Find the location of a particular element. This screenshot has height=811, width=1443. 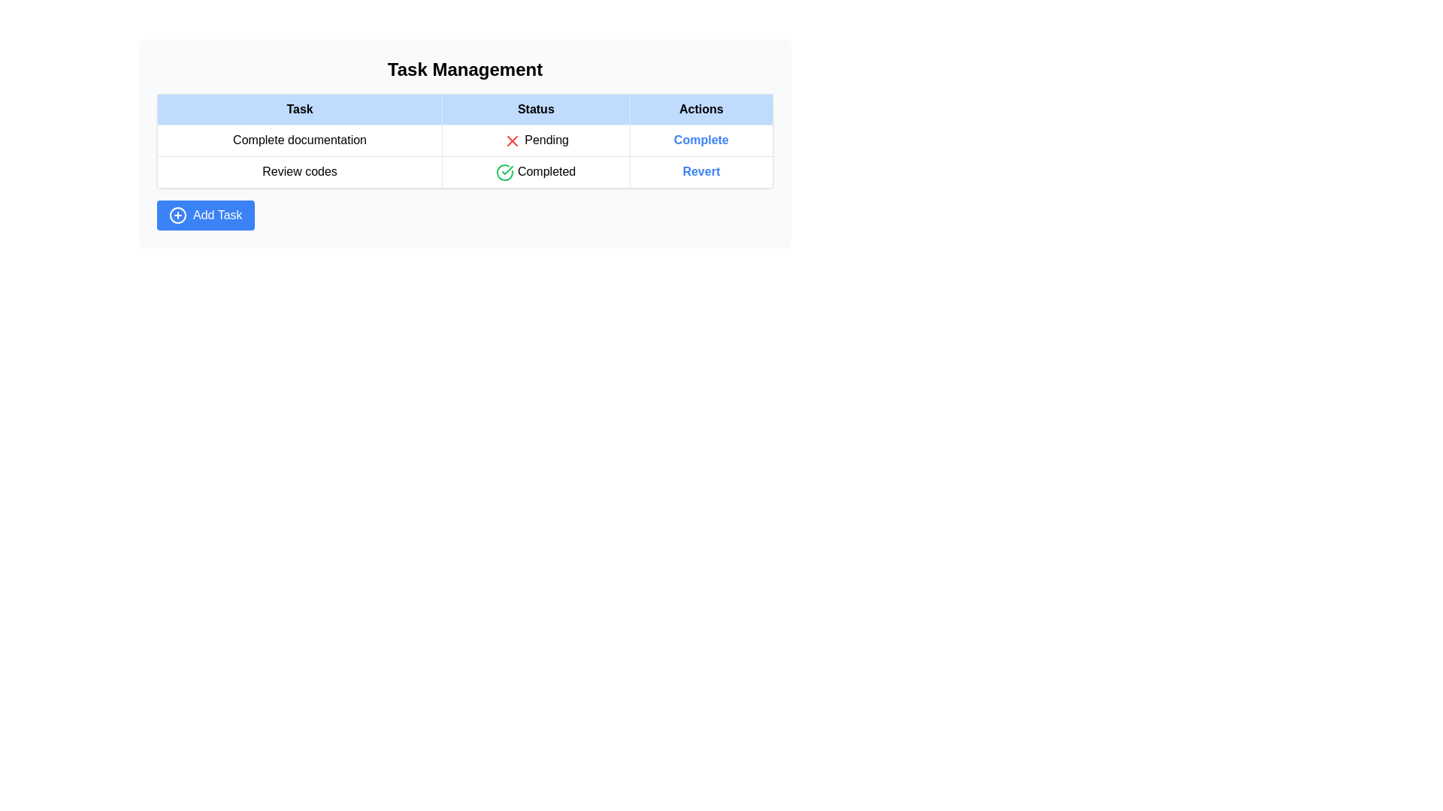

the non-interactive status label indicating that the task is currently pending, located in the task management table under the 'Status' column of the 'Complete documentation' row is located at coordinates (536, 140).